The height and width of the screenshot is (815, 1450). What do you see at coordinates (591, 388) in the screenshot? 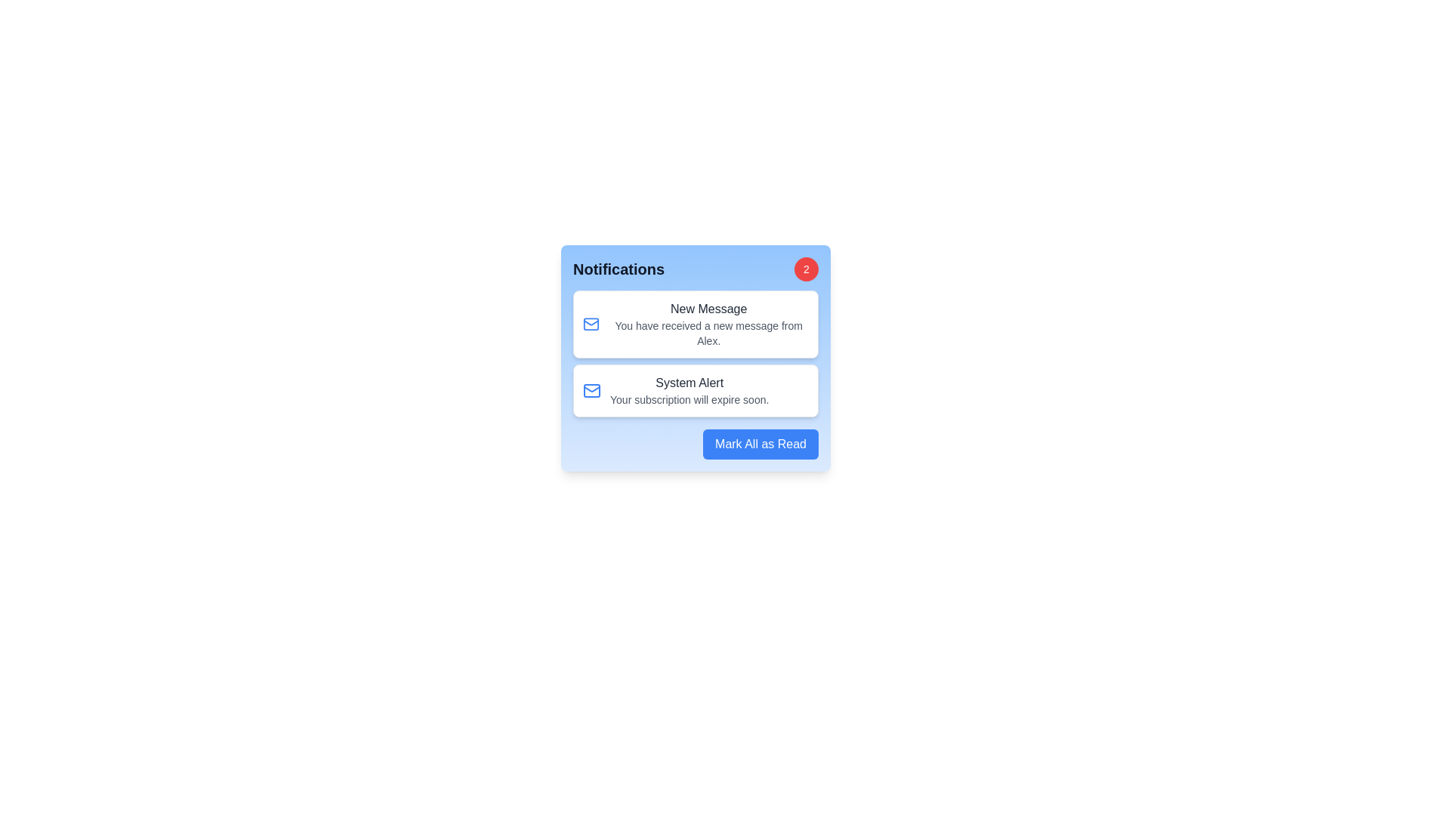
I see `the decorative flap of the envelope icon, which is located at the bottom part of the icon and aligned to the left of the 'New Message' text` at bounding box center [591, 388].